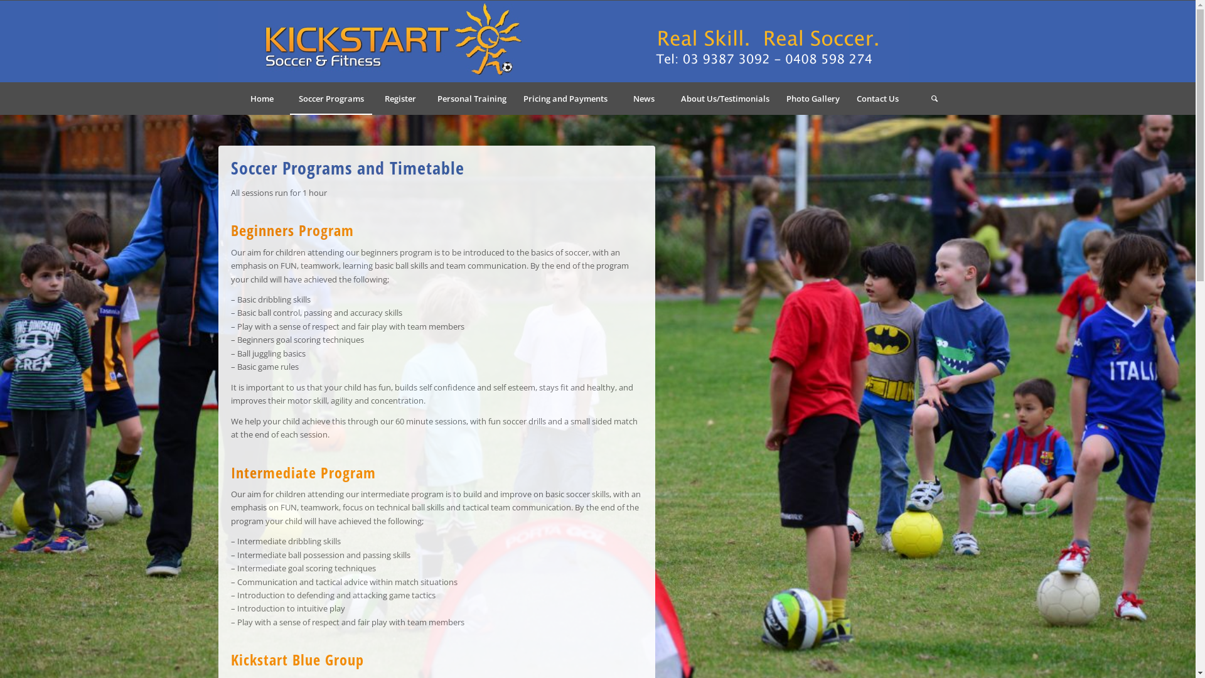  What do you see at coordinates (724, 98) in the screenshot?
I see `'About Us/Testimonials'` at bounding box center [724, 98].